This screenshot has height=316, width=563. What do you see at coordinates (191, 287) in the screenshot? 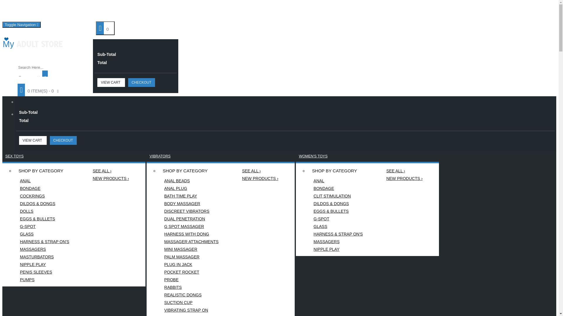
I see `'RABBITS'` at bounding box center [191, 287].